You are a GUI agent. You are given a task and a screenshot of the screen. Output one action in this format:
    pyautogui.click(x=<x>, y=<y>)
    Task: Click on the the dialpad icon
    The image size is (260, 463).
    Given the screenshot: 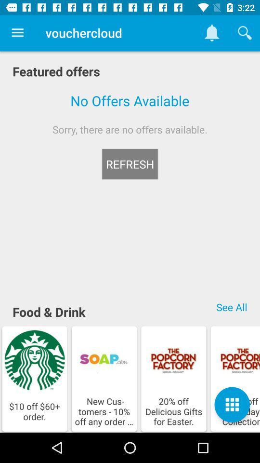 What is the action you would take?
    pyautogui.click(x=232, y=405)
    